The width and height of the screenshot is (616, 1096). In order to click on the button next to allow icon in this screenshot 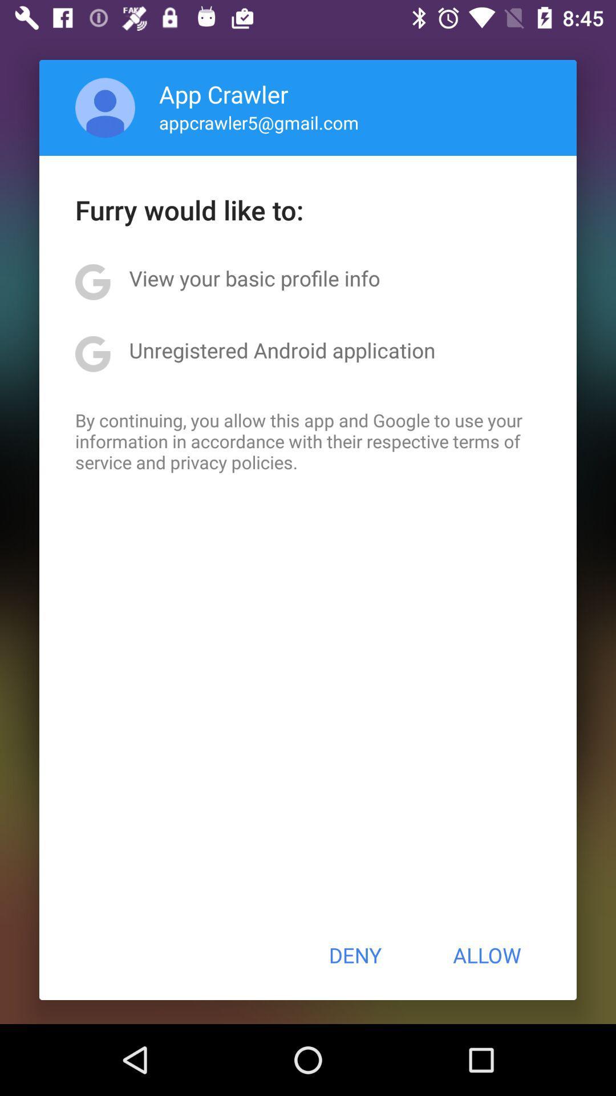, I will do `click(354, 955)`.